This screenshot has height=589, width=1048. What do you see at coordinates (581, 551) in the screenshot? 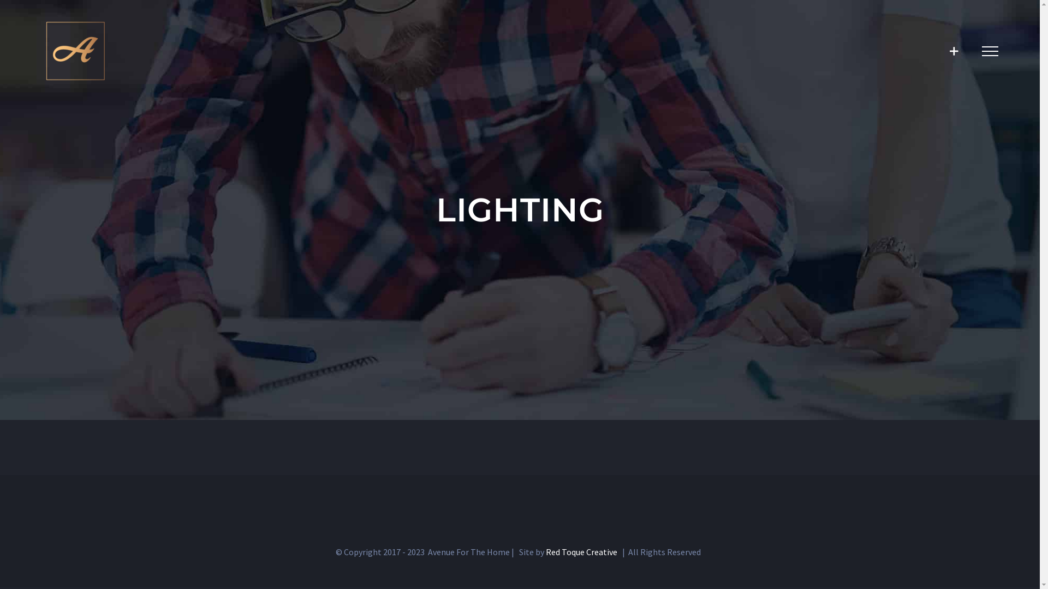
I see `'Red Toque Creative'` at bounding box center [581, 551].